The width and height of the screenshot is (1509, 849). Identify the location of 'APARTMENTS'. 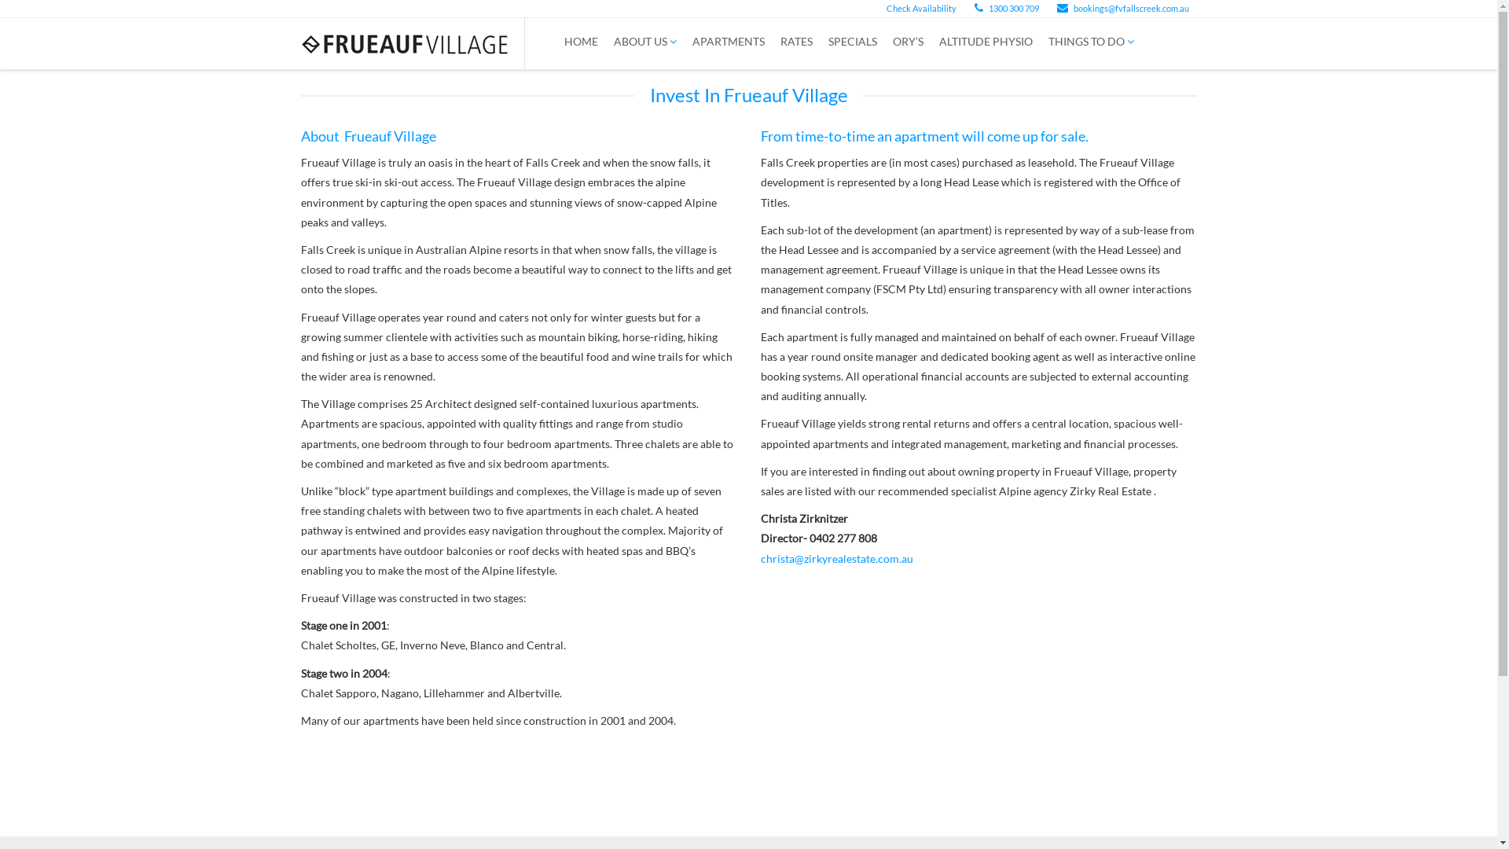
(727, 41).